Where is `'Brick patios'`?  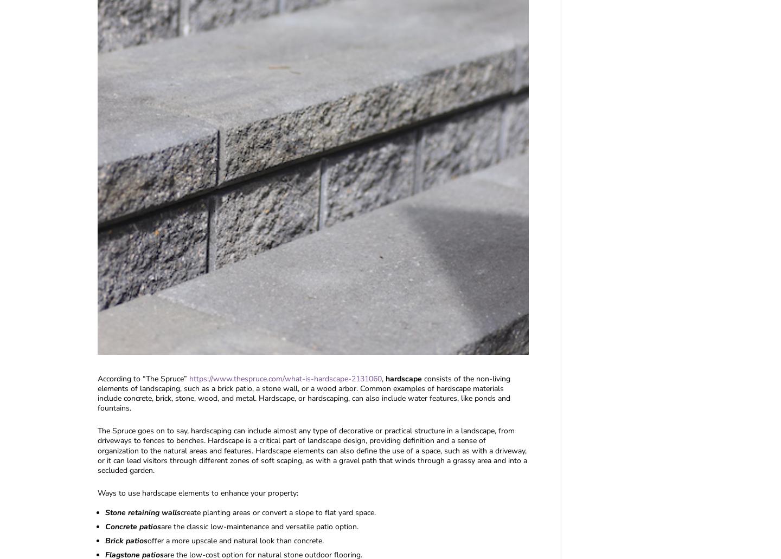
'Brick patios' is located at coordinates (126, 540).